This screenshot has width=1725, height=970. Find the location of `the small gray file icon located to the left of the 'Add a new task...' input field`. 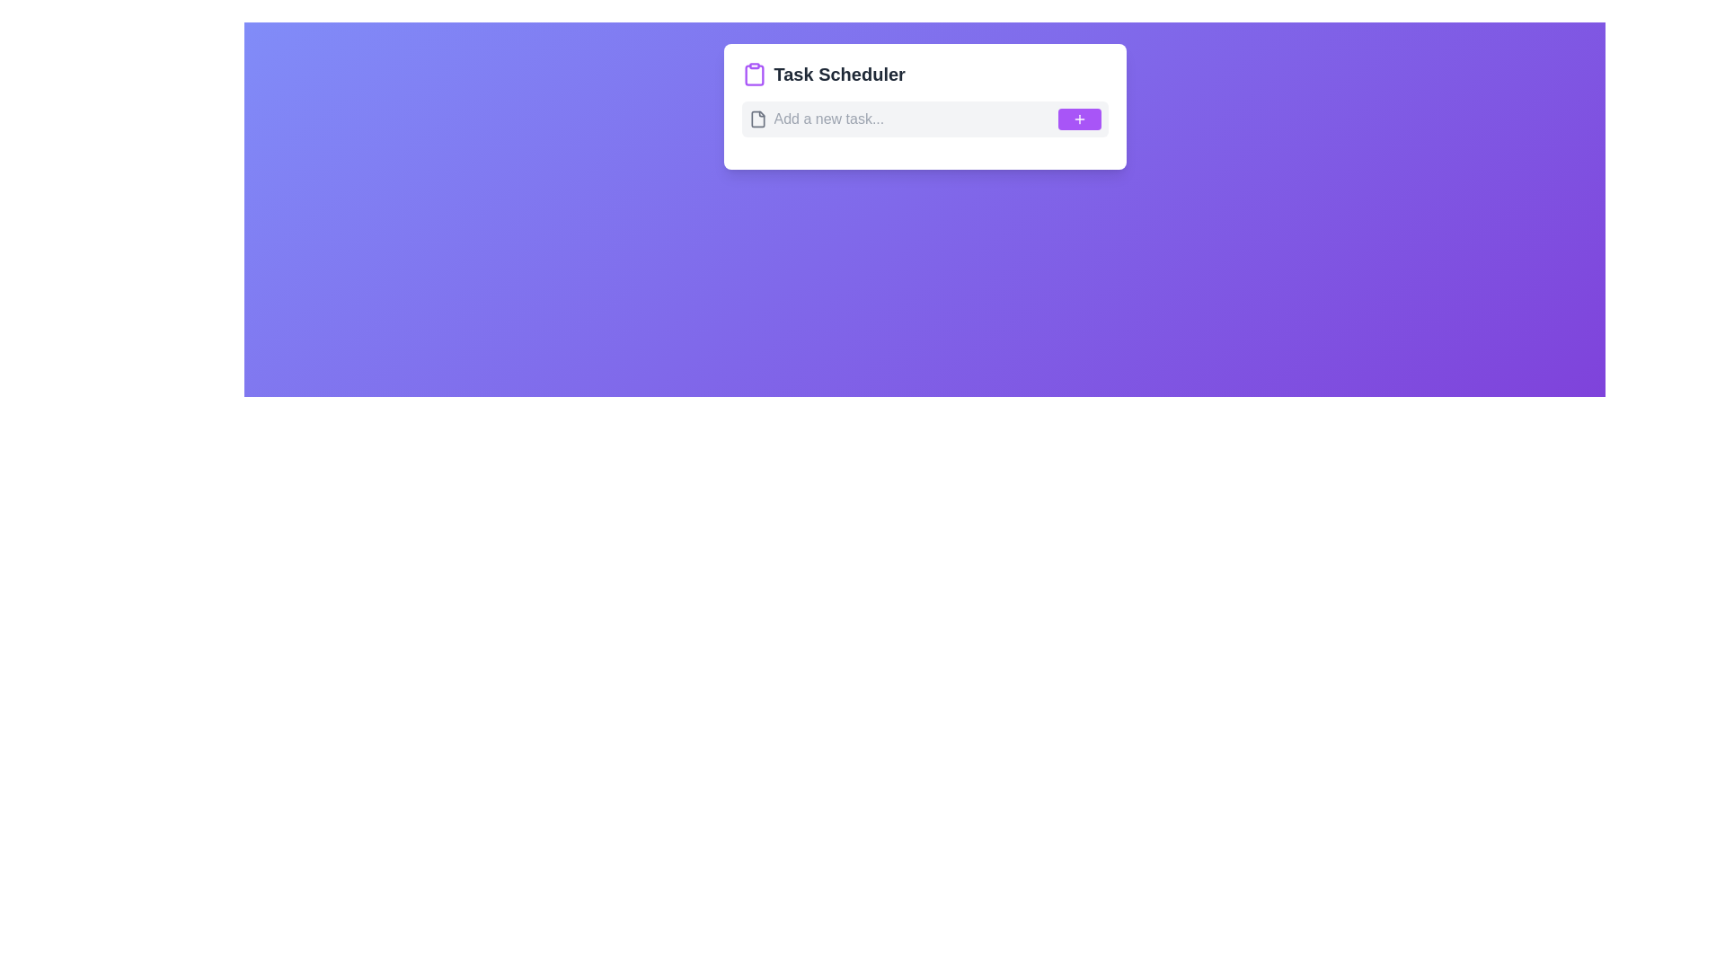

the small gray file icon located to the left of the 'Add a new task...' input field is located at coordinates (757, 119).